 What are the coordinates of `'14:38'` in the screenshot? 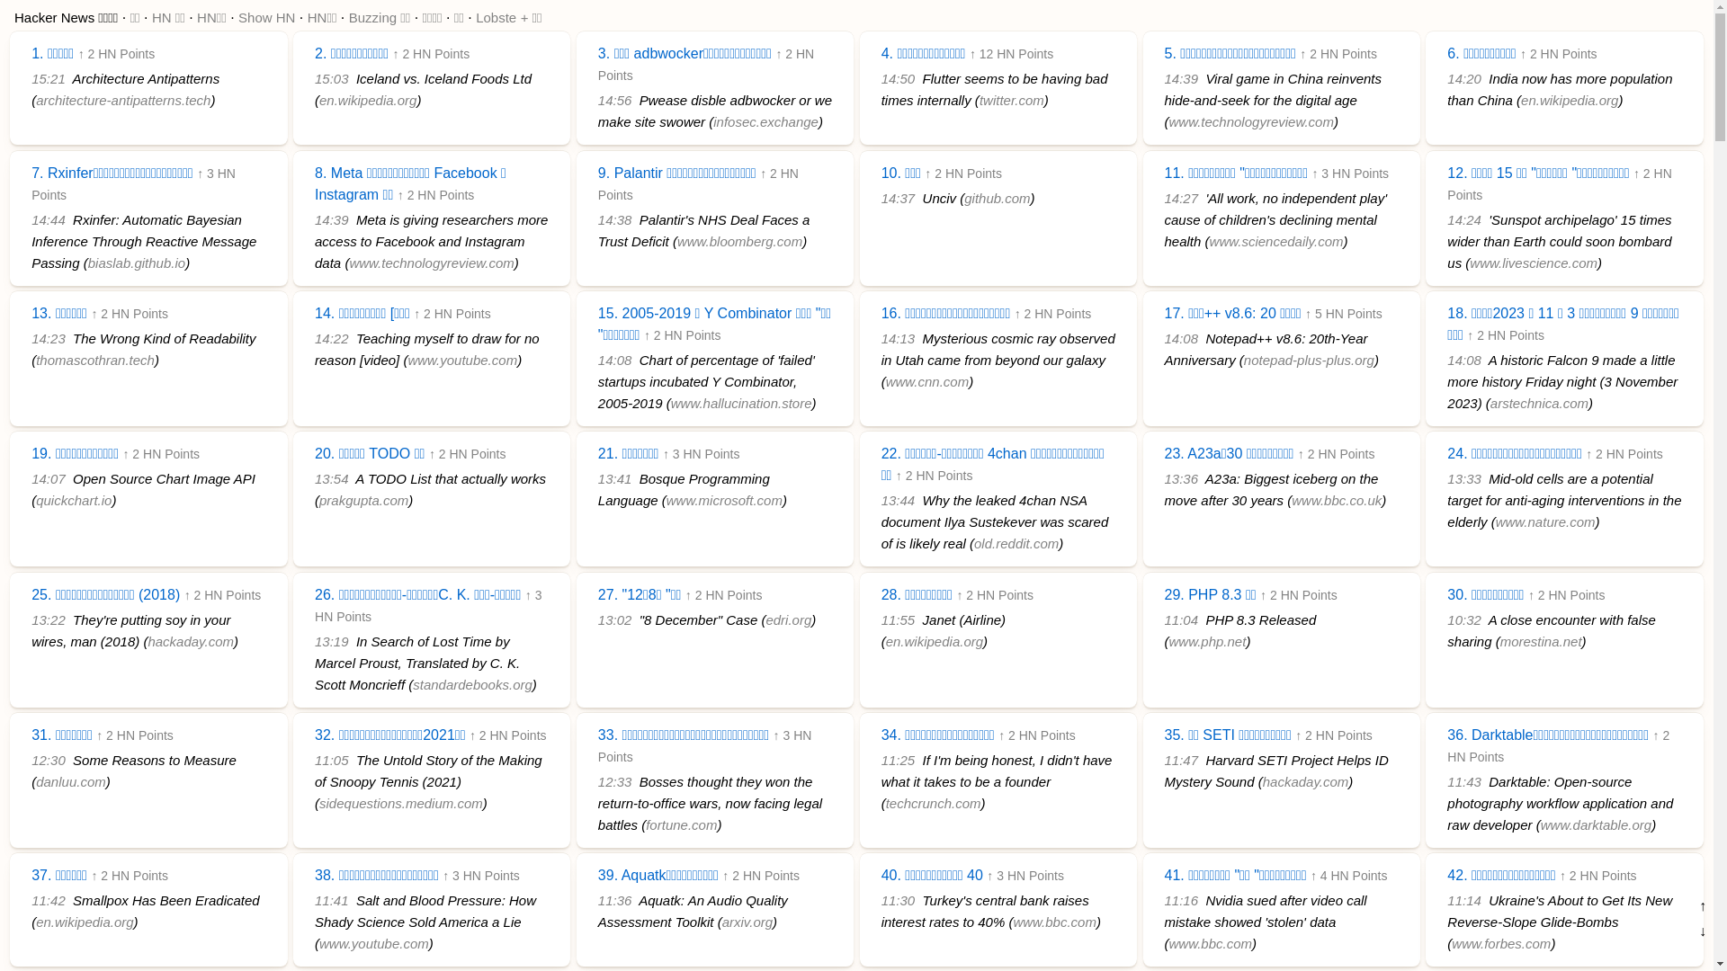 It's located at (615, 218).